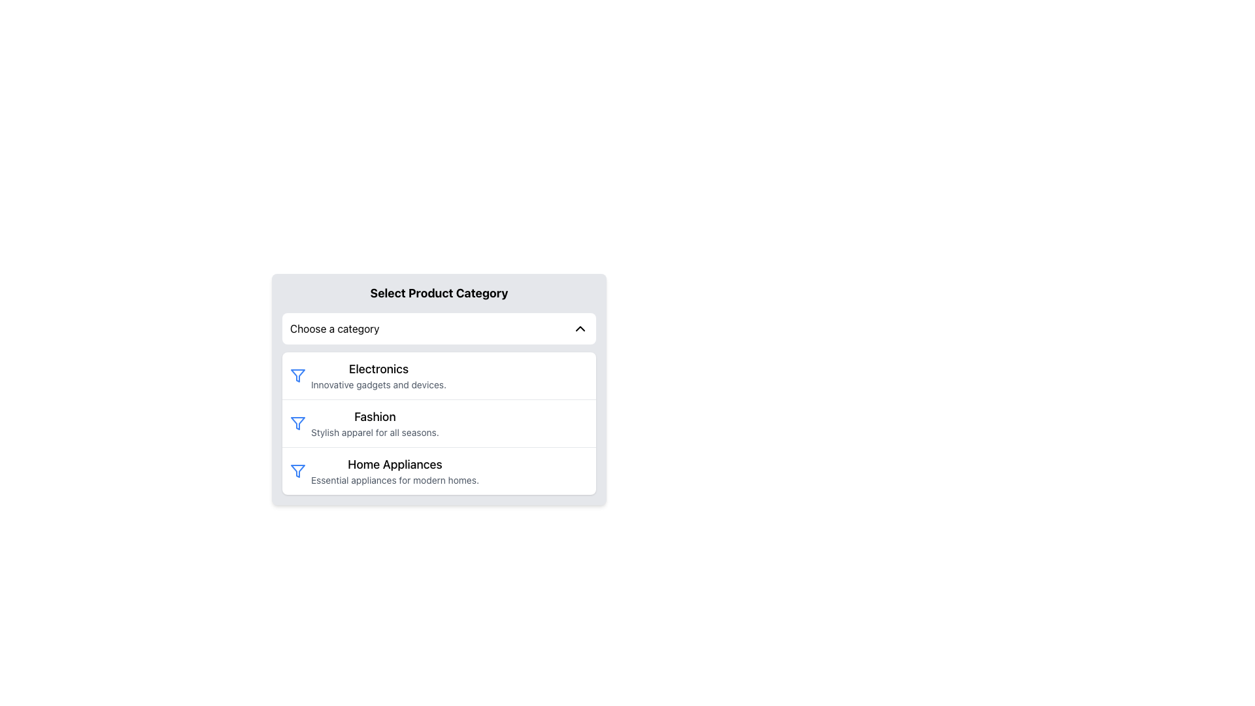  What do you see at coordinates (580, 328) in the screenshot?
I see `the dropdown state icon located at the rightmost position of the 'Choose a category' dropdown header` at bounding box center [580, 328].